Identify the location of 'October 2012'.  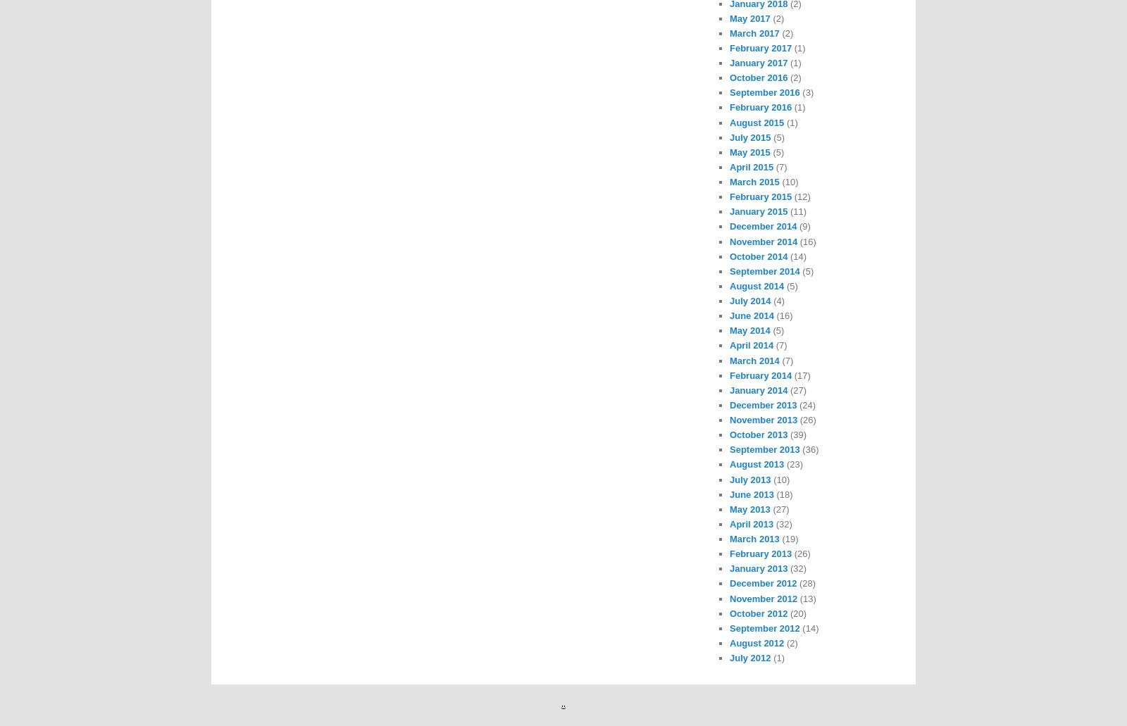
(758, 613).